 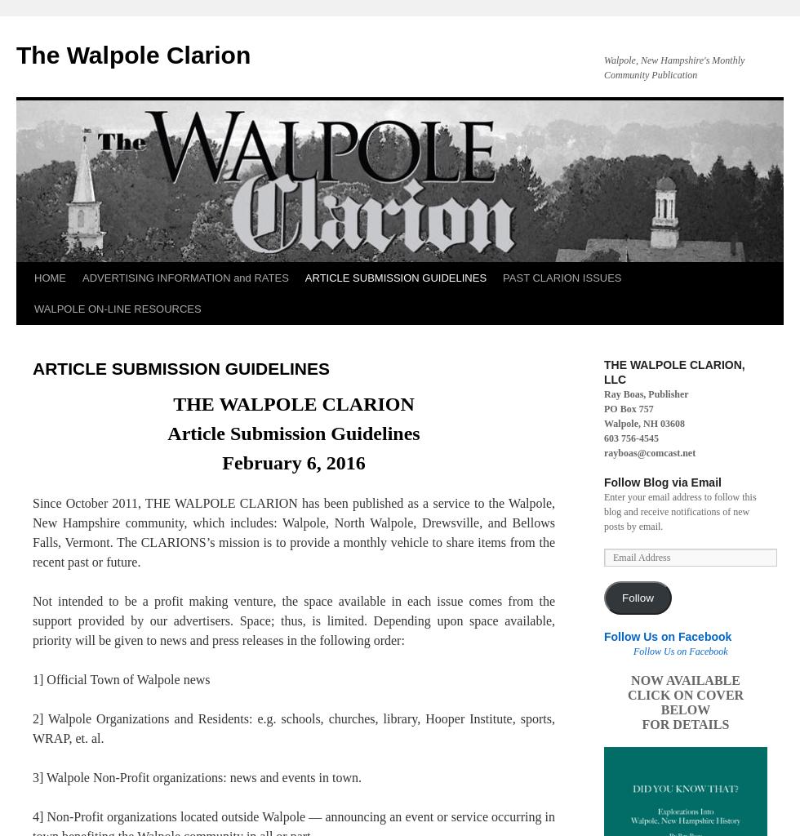 I want to click on 'February 6, 2016', so click(x=293, y=461).